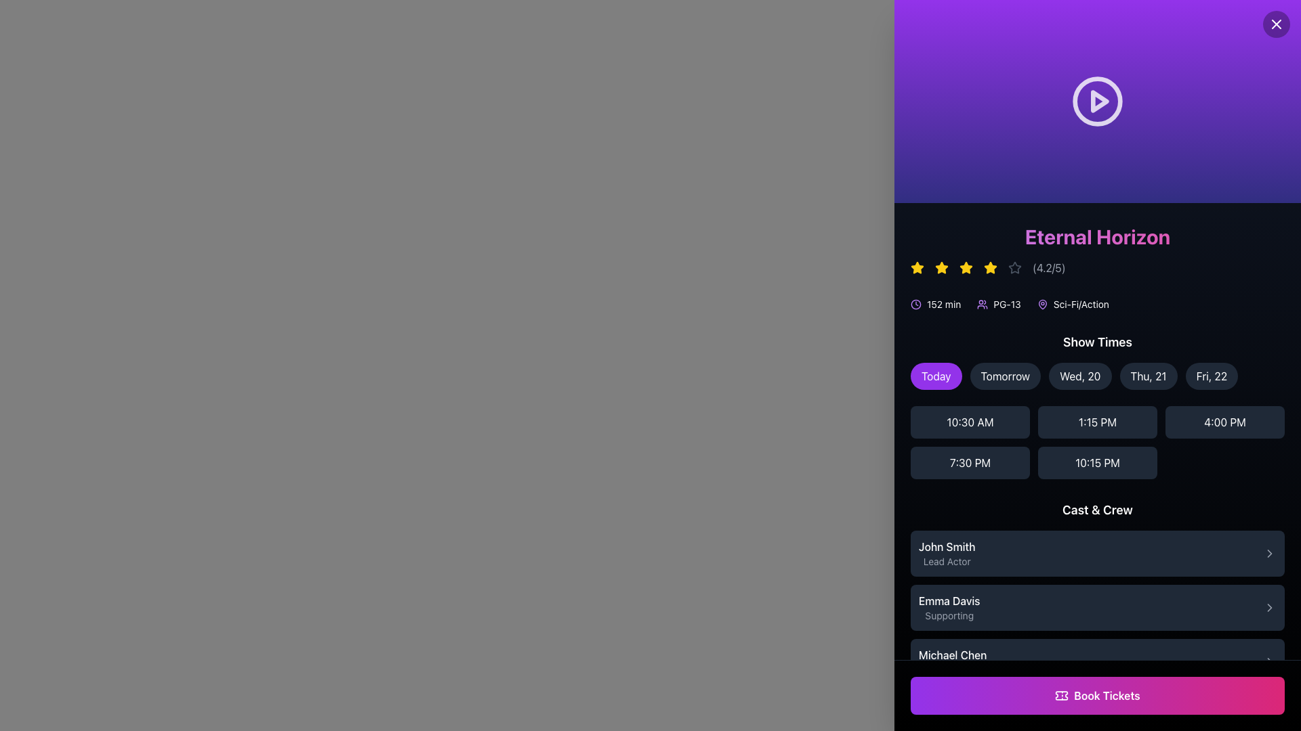 The width and height of the screenshot is (1301, 731). What do you see at coordinates (1005, 376) in the screenshot?
I see `the oval-shaped button labeled 'Tomorrow' with a dark gray background and white text, located under the 'Show Times' section, as the second button from the left` at bounding box center [1005, 376].